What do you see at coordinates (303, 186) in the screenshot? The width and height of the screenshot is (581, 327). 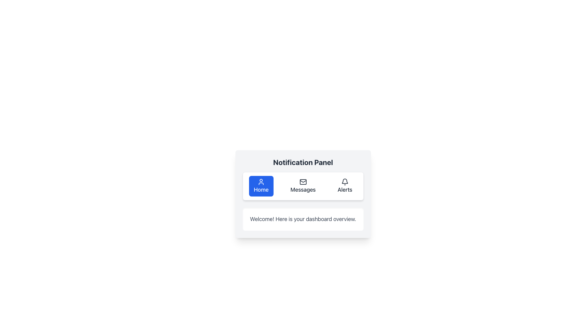 I see `the 'Messages' button with a mail icon in the navigation menu` at bounding box center [303, 186].